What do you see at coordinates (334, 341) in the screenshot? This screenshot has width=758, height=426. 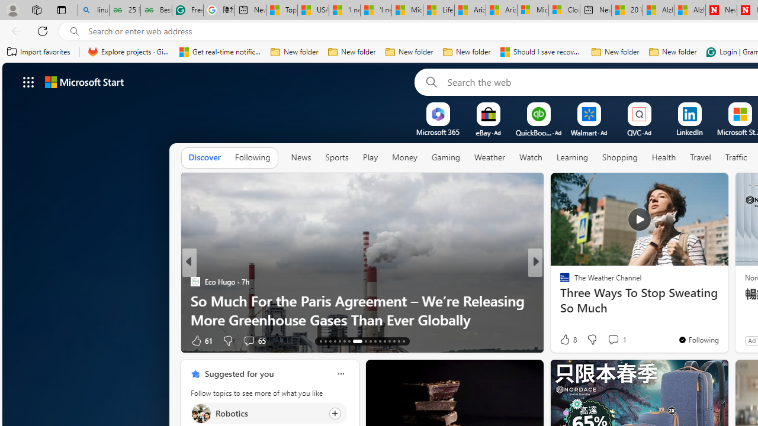 I see `'AutomationID: tab-16'` at bounding box center [334, 341].